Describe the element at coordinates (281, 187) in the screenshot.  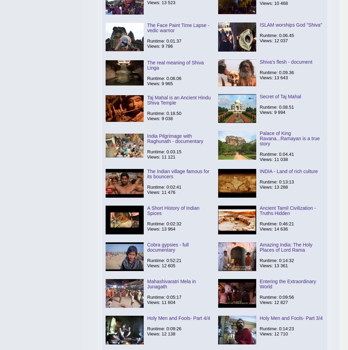
I see `'13 288'` at that location.